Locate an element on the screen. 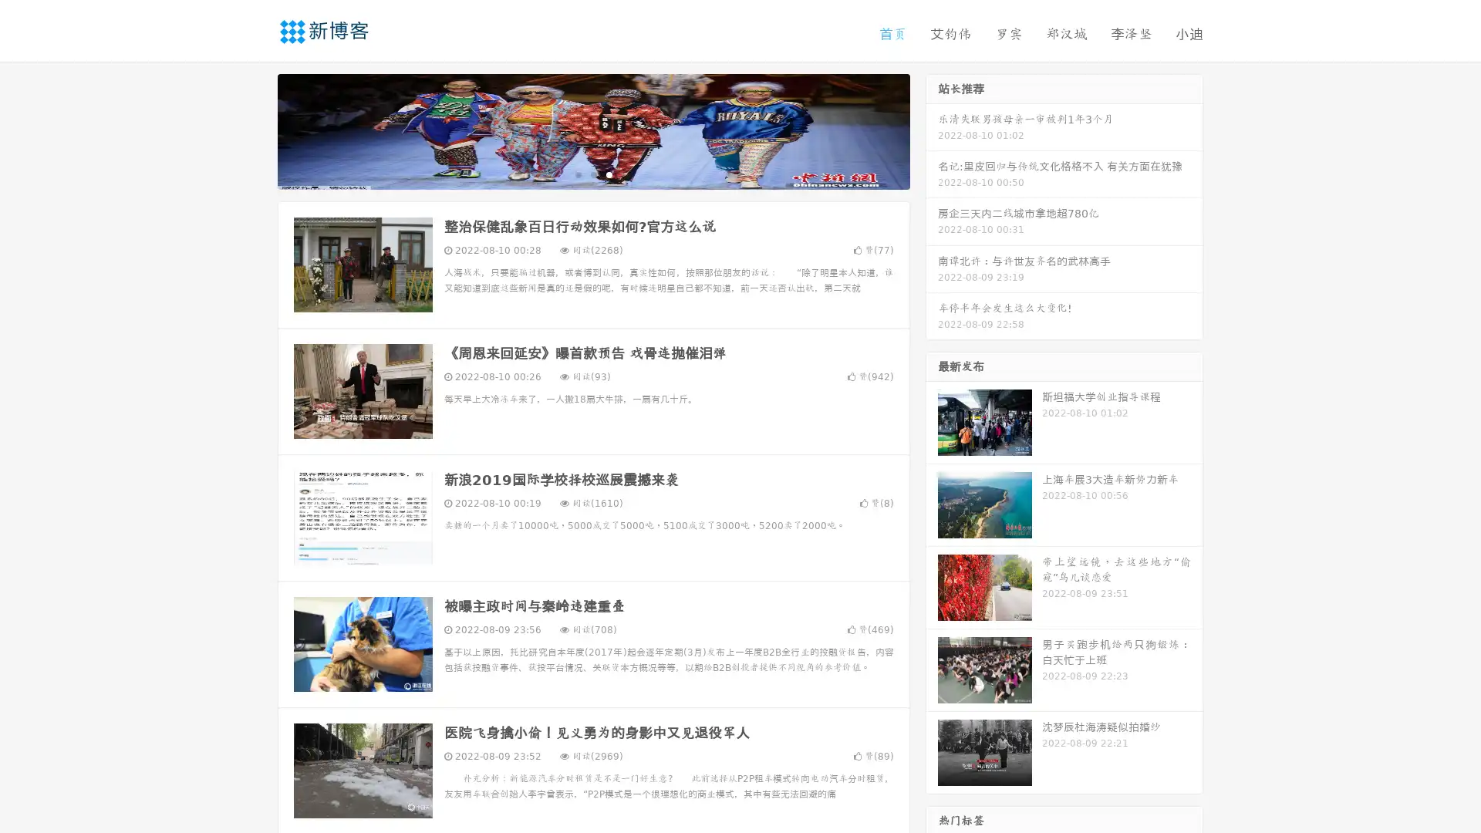  Go to slide 2 is located at coordinates (592, 174).